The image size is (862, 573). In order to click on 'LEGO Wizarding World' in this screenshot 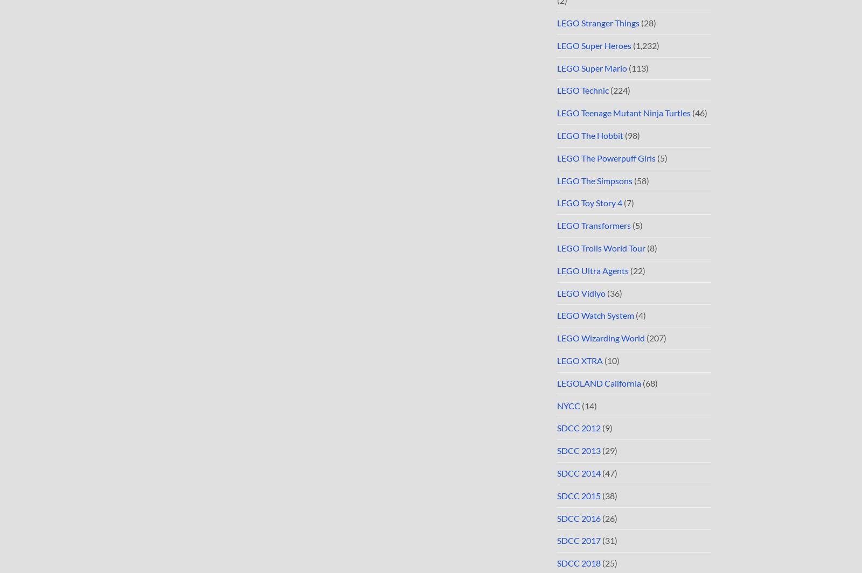, I will do `click(601, 338)`.